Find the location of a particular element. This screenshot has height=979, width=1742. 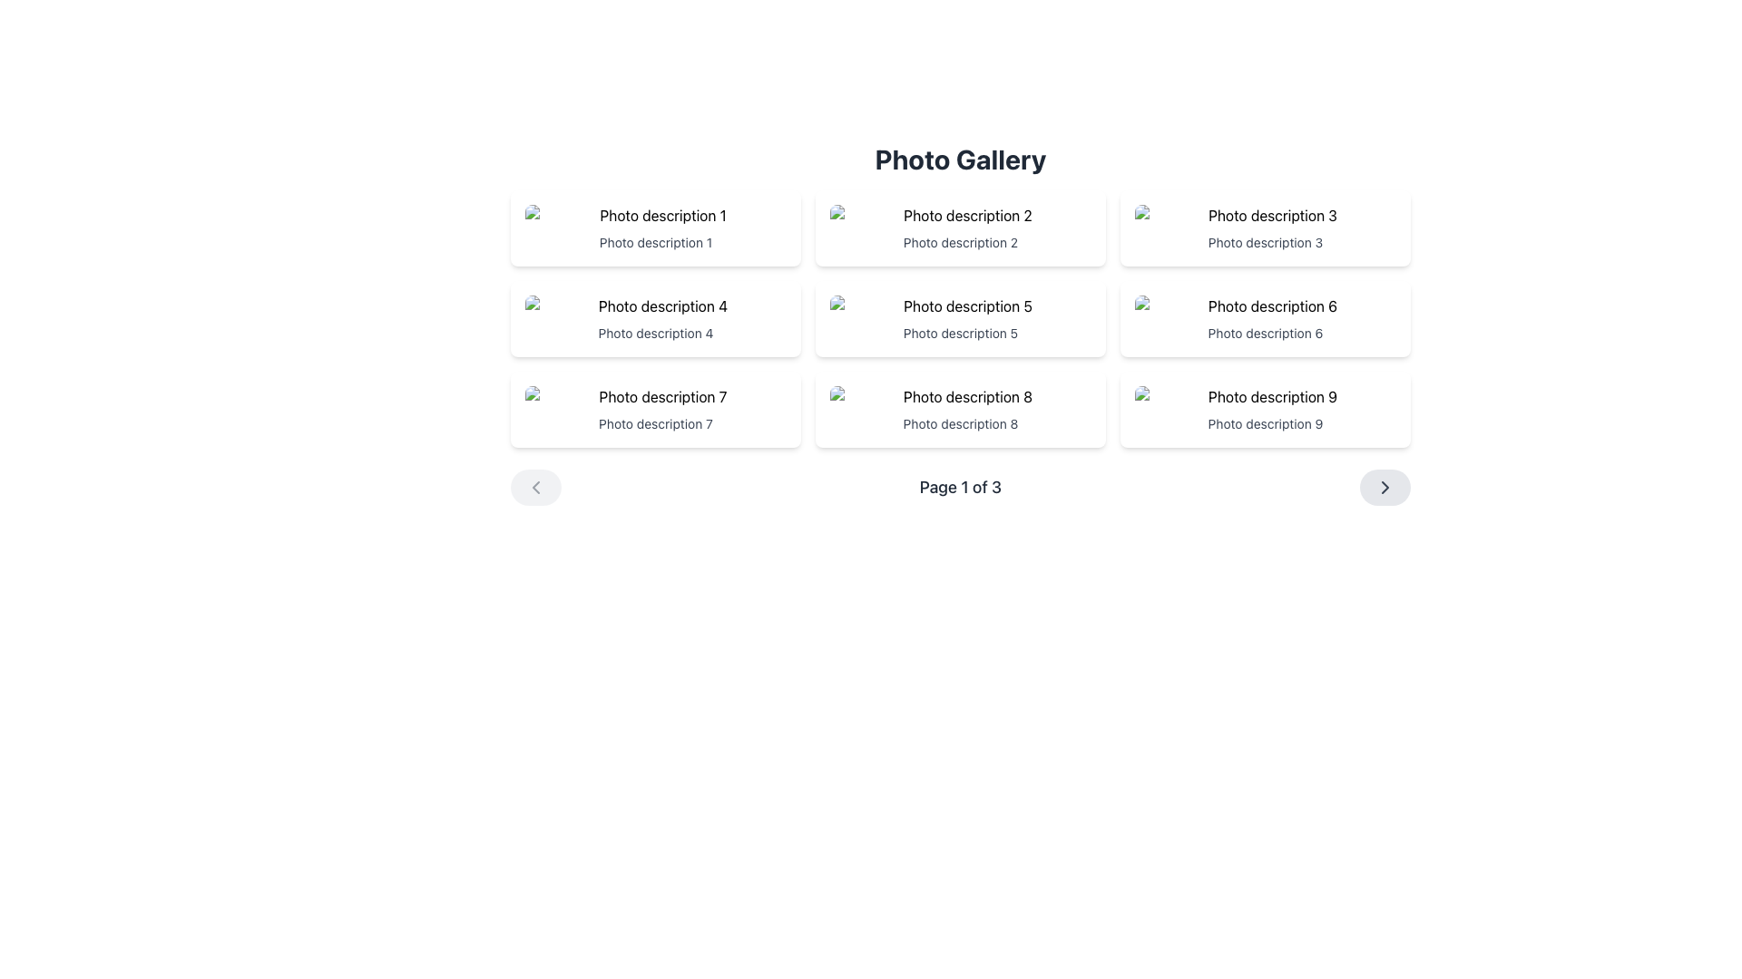

the text label displaying 'Photo description 8' located at the bottom-center of the card in the third row and second column of the grid layout is located at coordinates (960, 423).